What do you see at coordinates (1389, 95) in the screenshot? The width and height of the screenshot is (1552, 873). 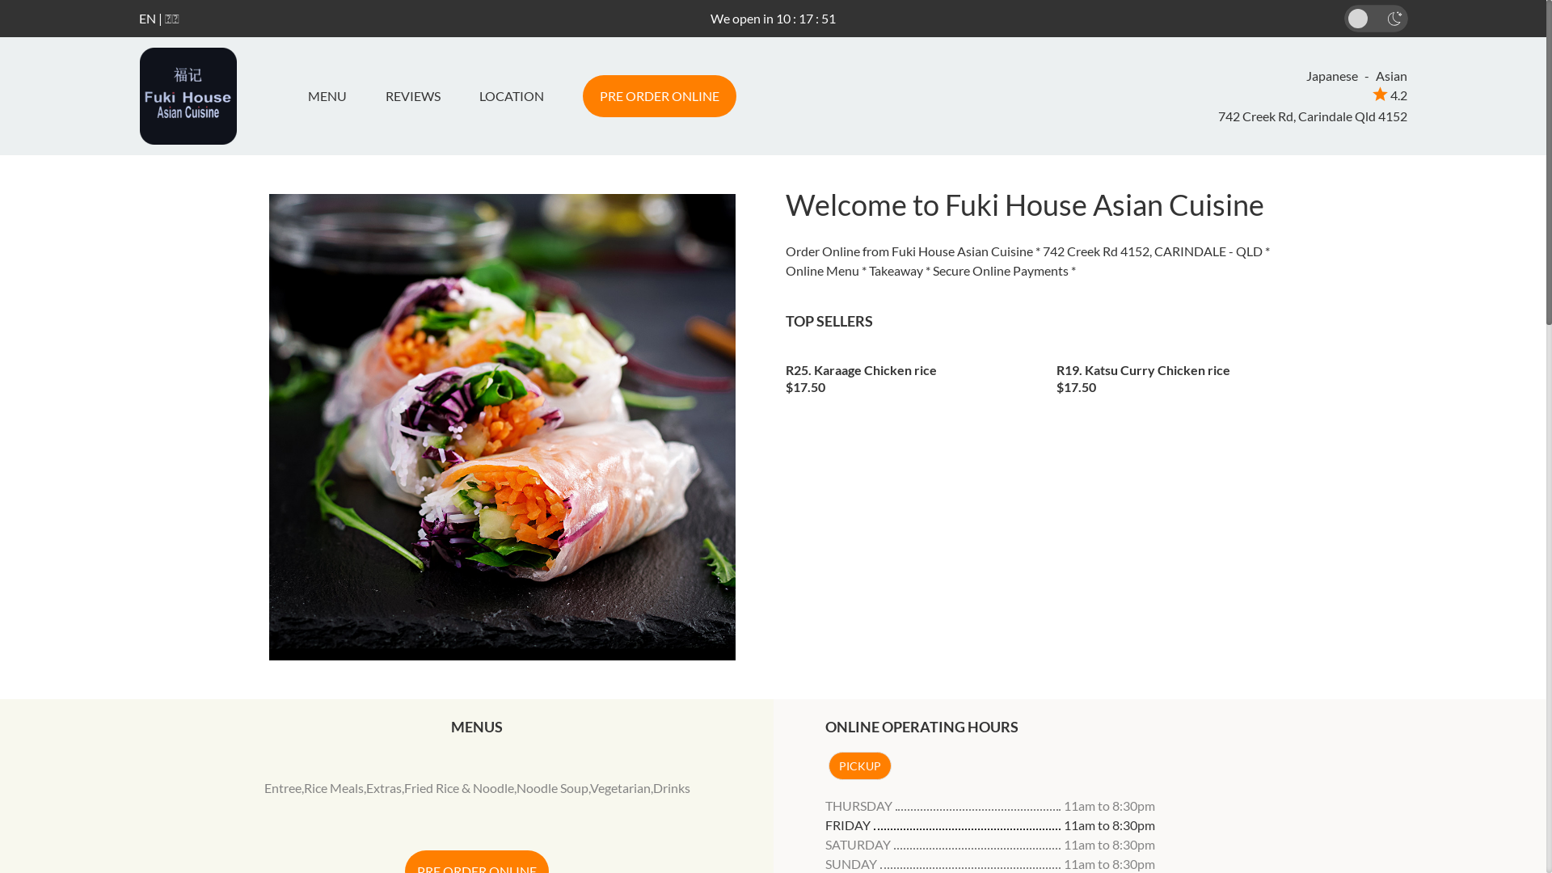 I see `'4.2'` at bounding box center [1389, 95].